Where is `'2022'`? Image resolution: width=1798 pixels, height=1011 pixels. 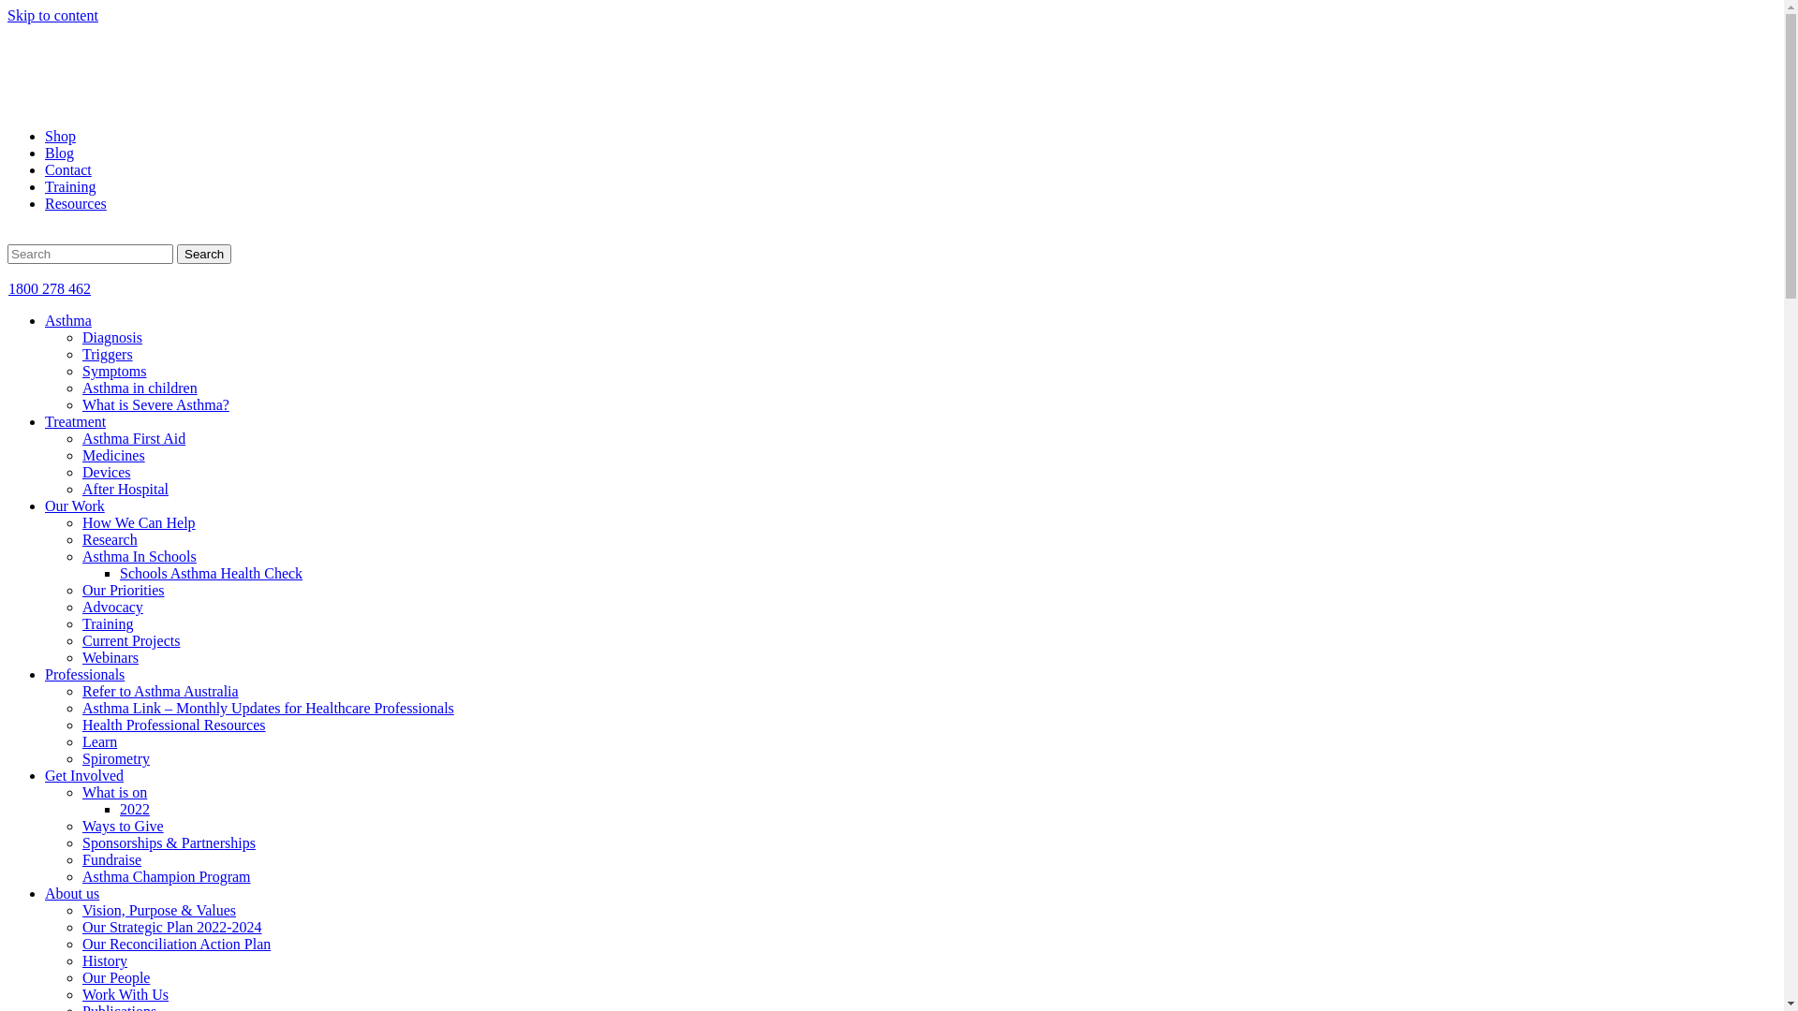 '2022' is located at coordinates (134, 808).